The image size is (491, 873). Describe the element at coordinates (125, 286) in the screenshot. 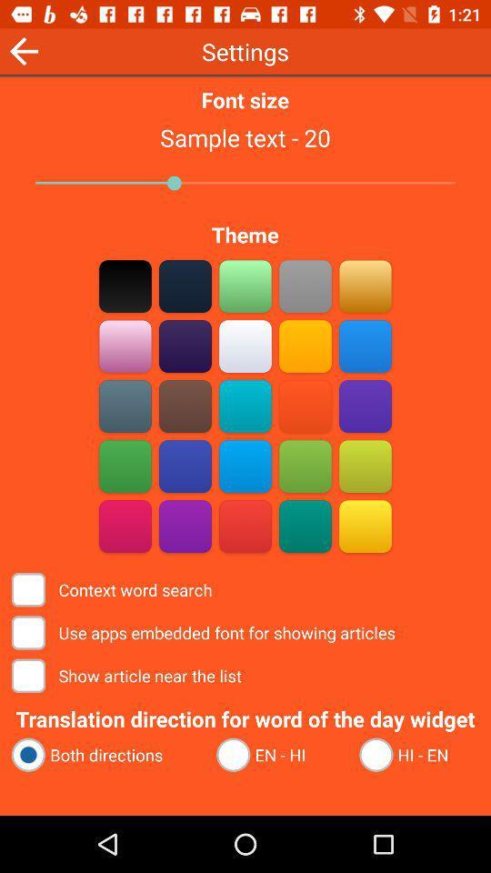

I see `theme color` at that location.